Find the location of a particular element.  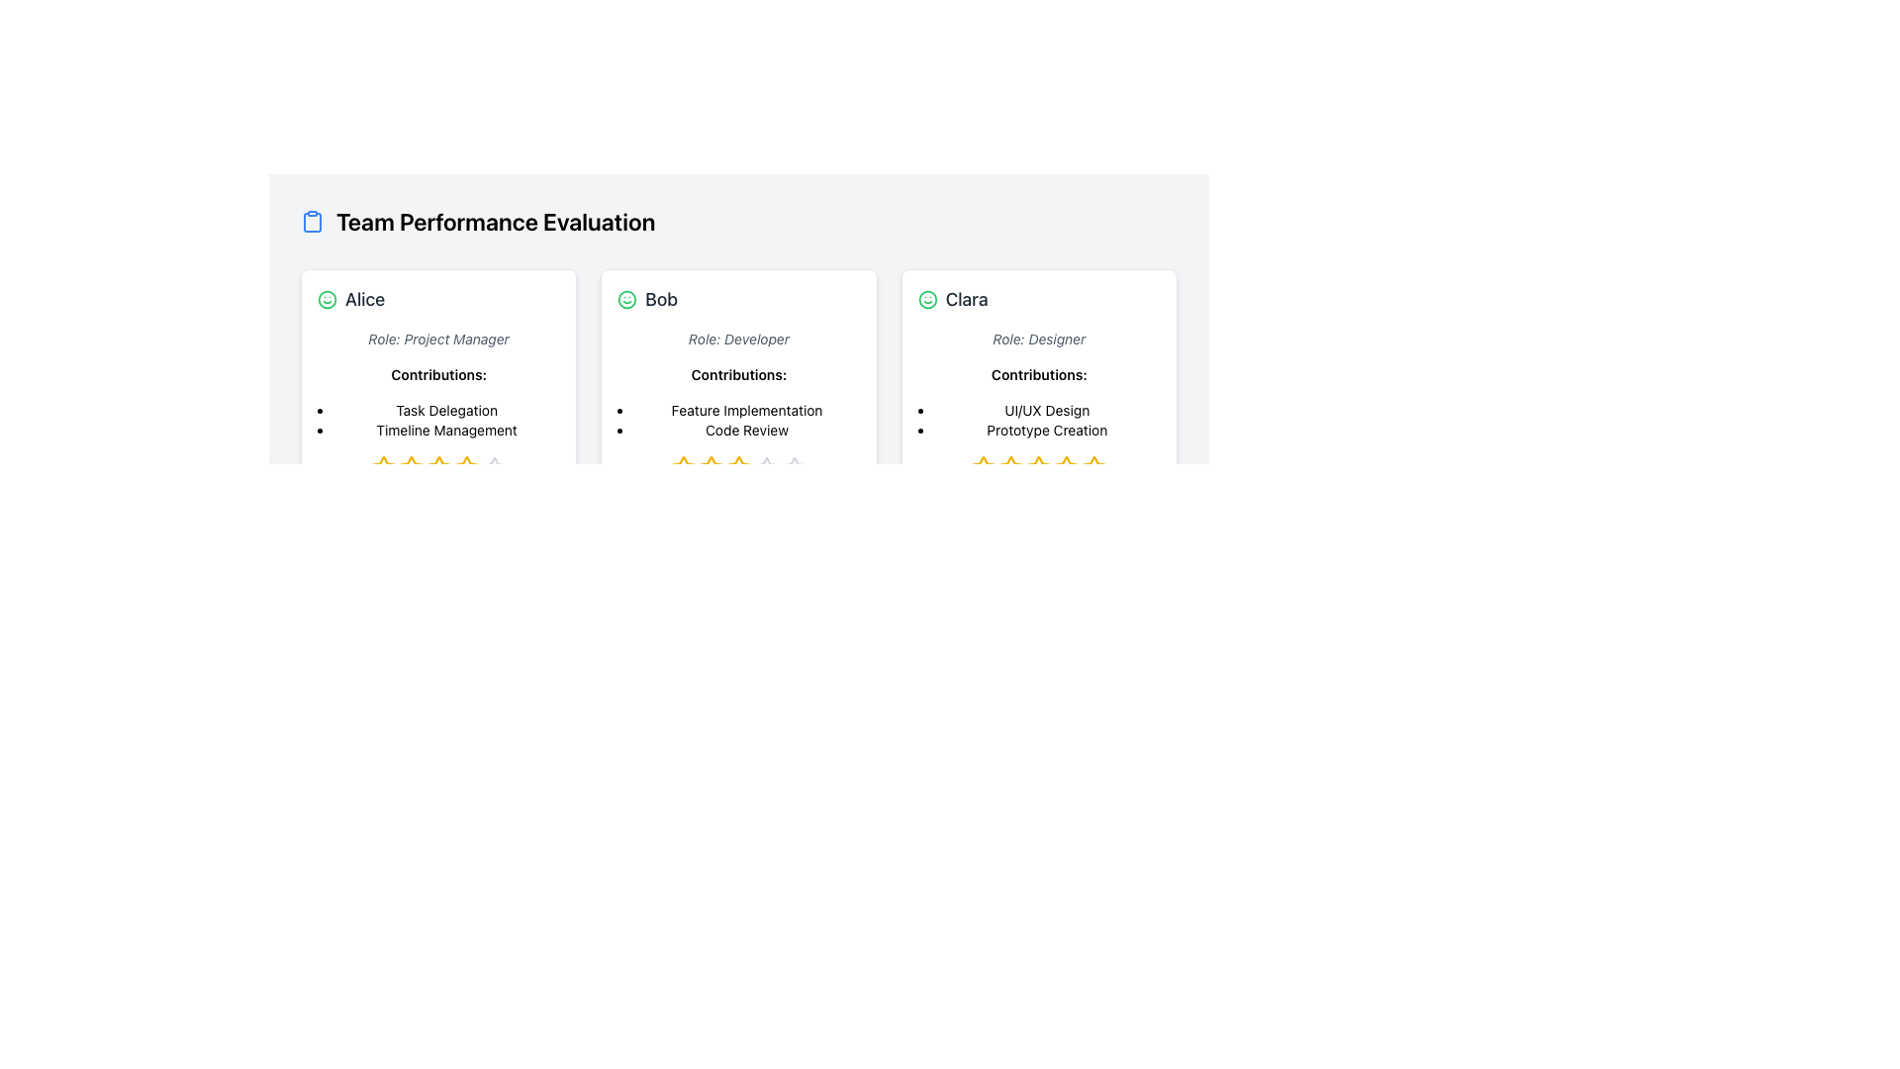

the text label that reads 'Role: Designer' in a small italic font, located on Clara's profile card, below her name and above the Contributions title is located at coordinates (1038, 339).